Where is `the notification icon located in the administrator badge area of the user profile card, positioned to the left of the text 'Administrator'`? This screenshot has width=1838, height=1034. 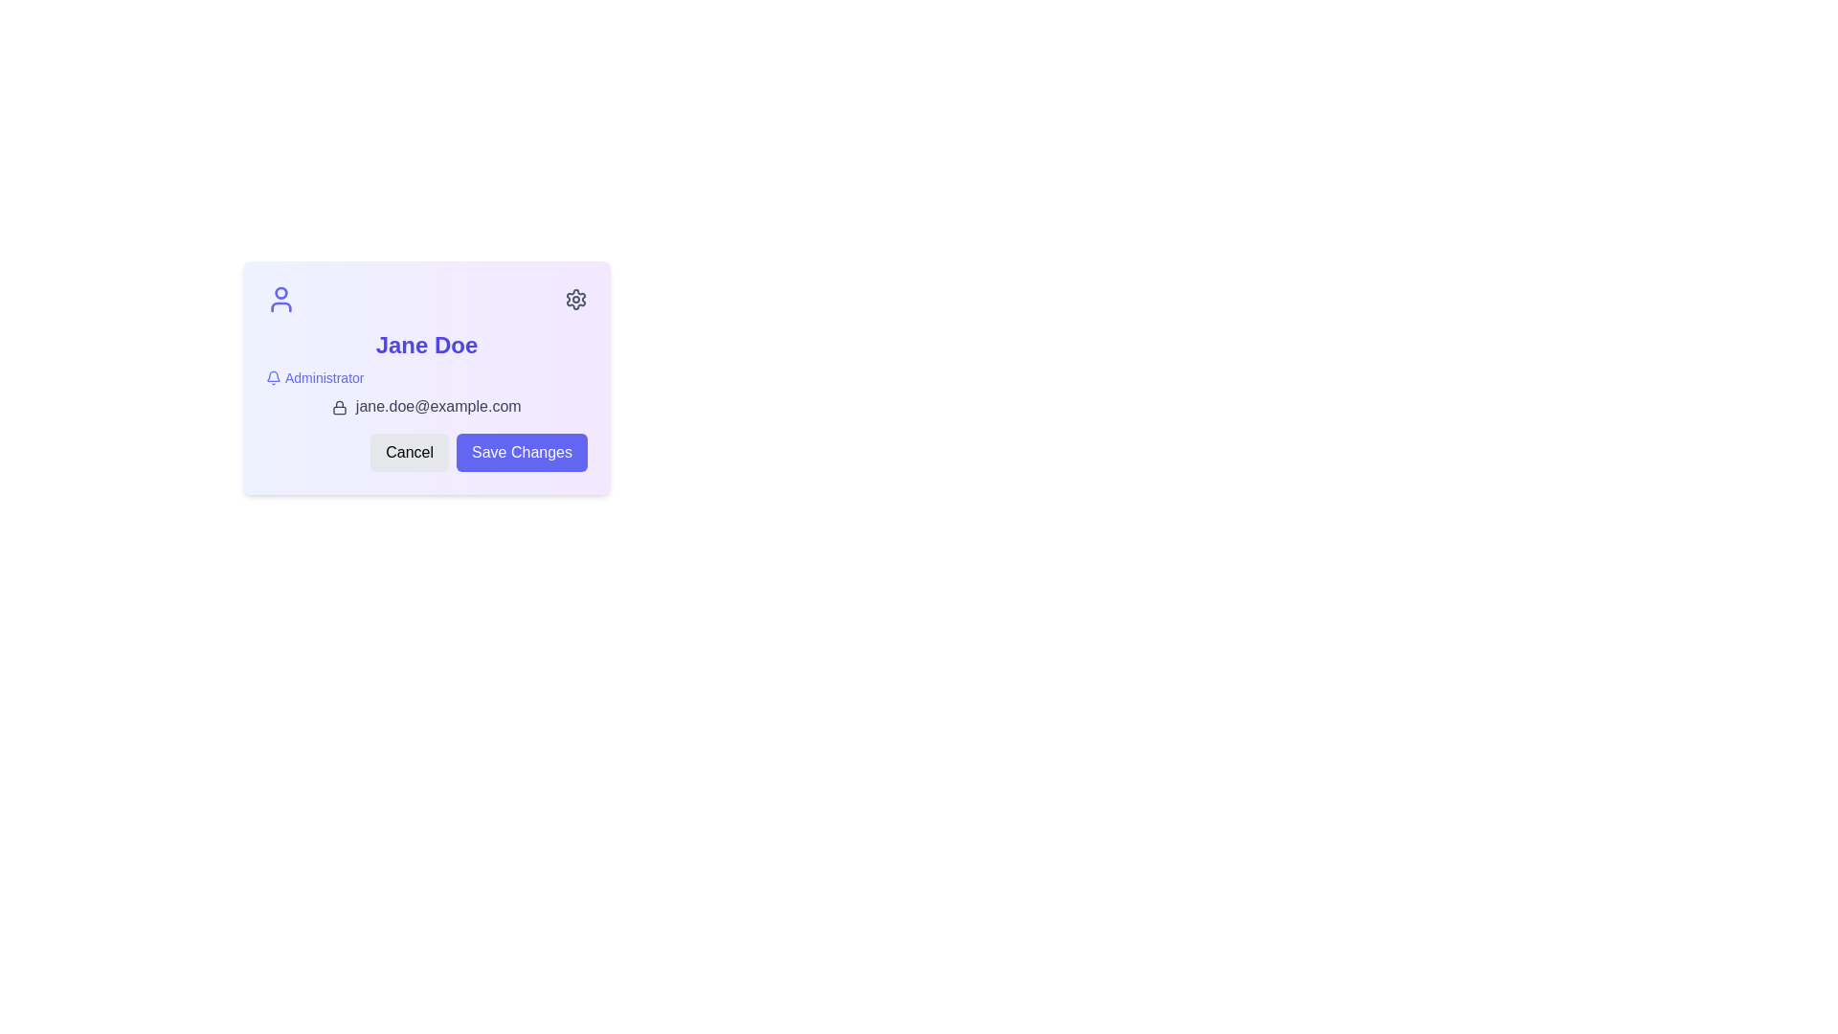 the notification icon located in the administrator badge area of the user profile card, positioned to the left of the text 'Administrator' is located at coordinates (273, 377).